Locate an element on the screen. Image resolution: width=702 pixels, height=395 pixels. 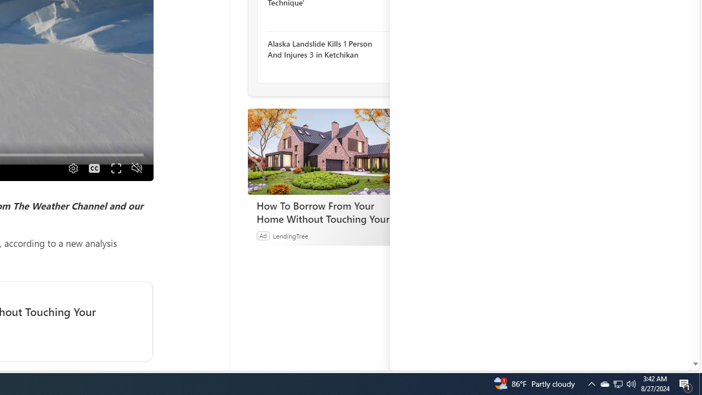
'Ad' is located at coordinates (262, 235).